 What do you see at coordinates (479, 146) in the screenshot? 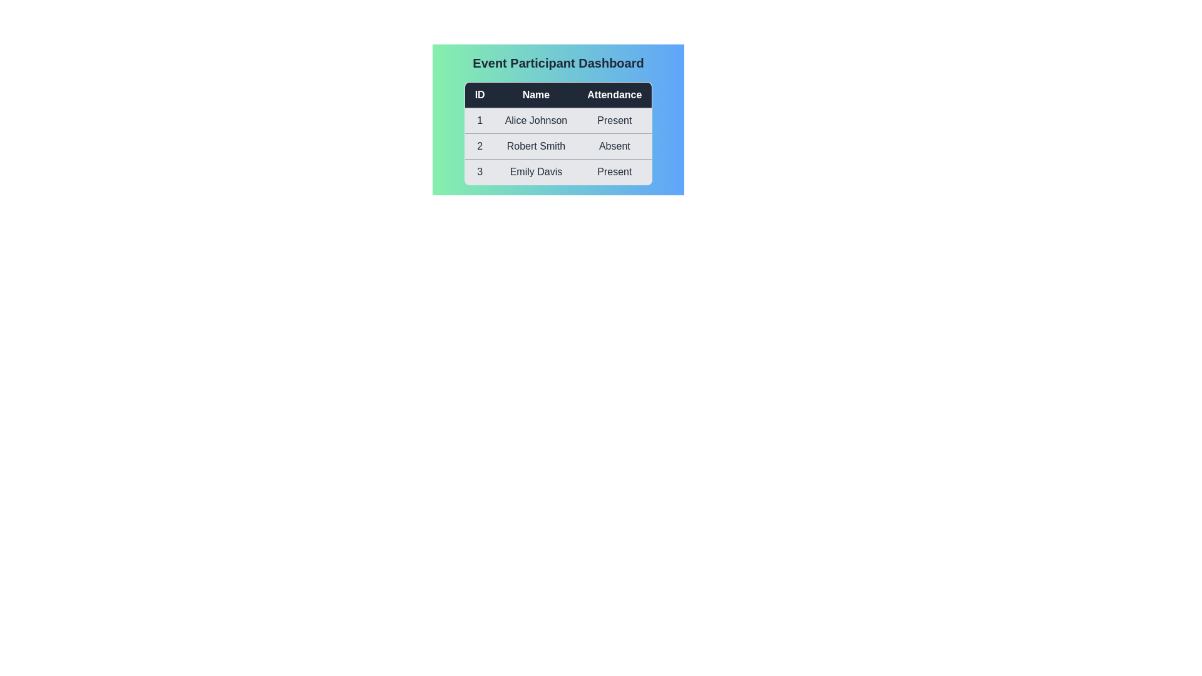
I see `the Text label in the first cell of the second row of the table, which identifies the participant's ID and is located under the 'ID' header` at bounding box center [479, 146].